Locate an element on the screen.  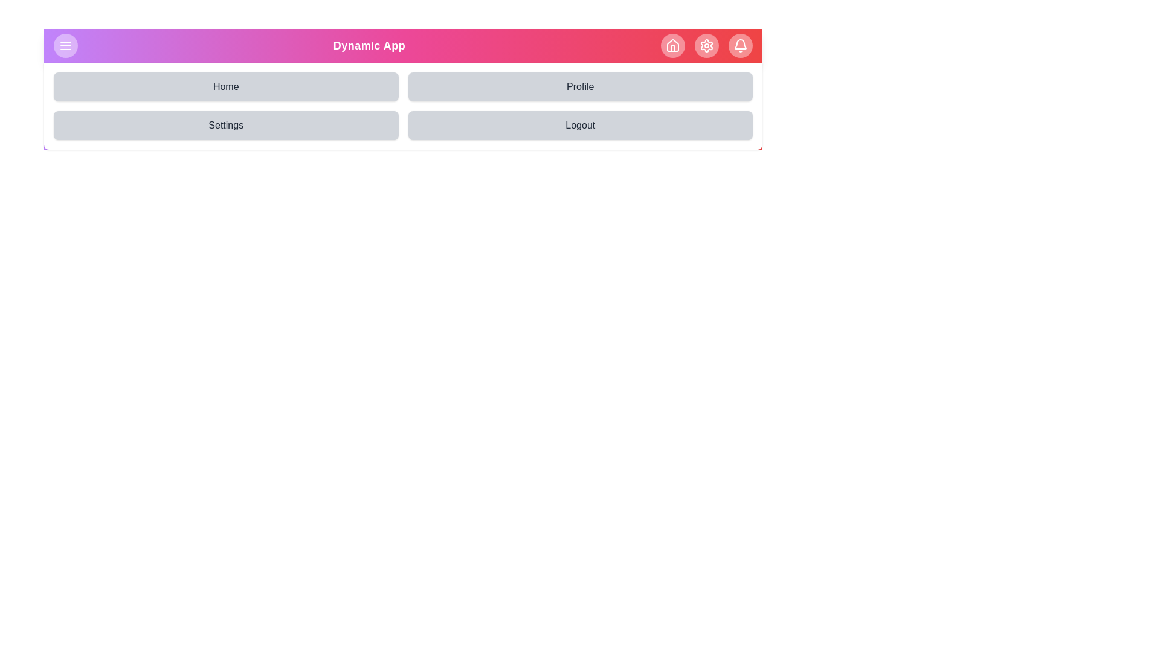
the Settings navigation button is located at coordinates (226, 126).